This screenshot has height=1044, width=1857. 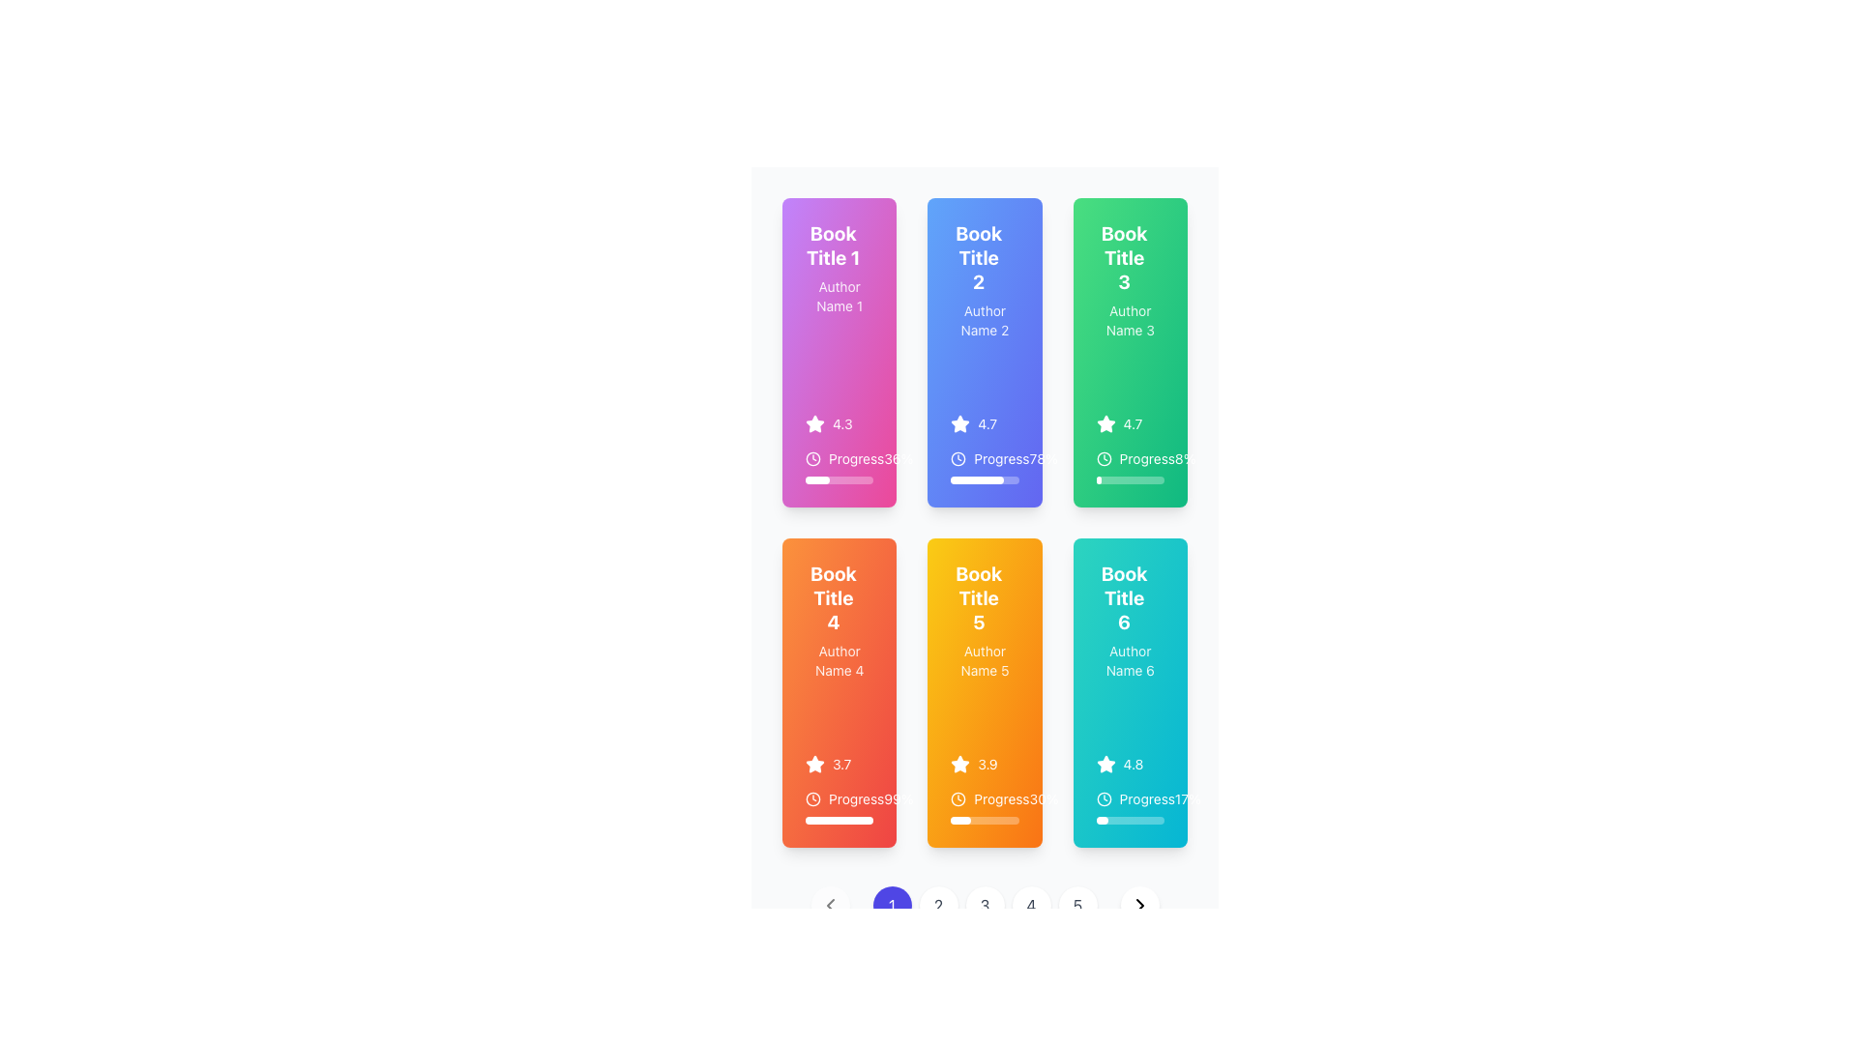 I want to click on the Progress indicator displaying 'Progress 30%' with a clock icon, located in the card for 'Book Title 5, Author Name 5' at the bottom part under the rating stars, so click(x=985, y=806).